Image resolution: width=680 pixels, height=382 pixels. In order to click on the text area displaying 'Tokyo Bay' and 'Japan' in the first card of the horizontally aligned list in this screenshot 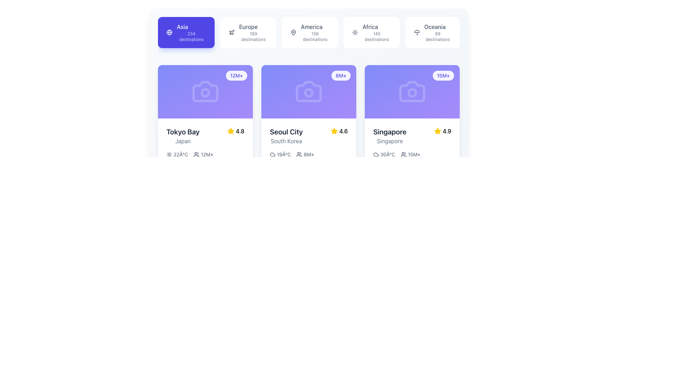, I will do `click(183, 136)`.